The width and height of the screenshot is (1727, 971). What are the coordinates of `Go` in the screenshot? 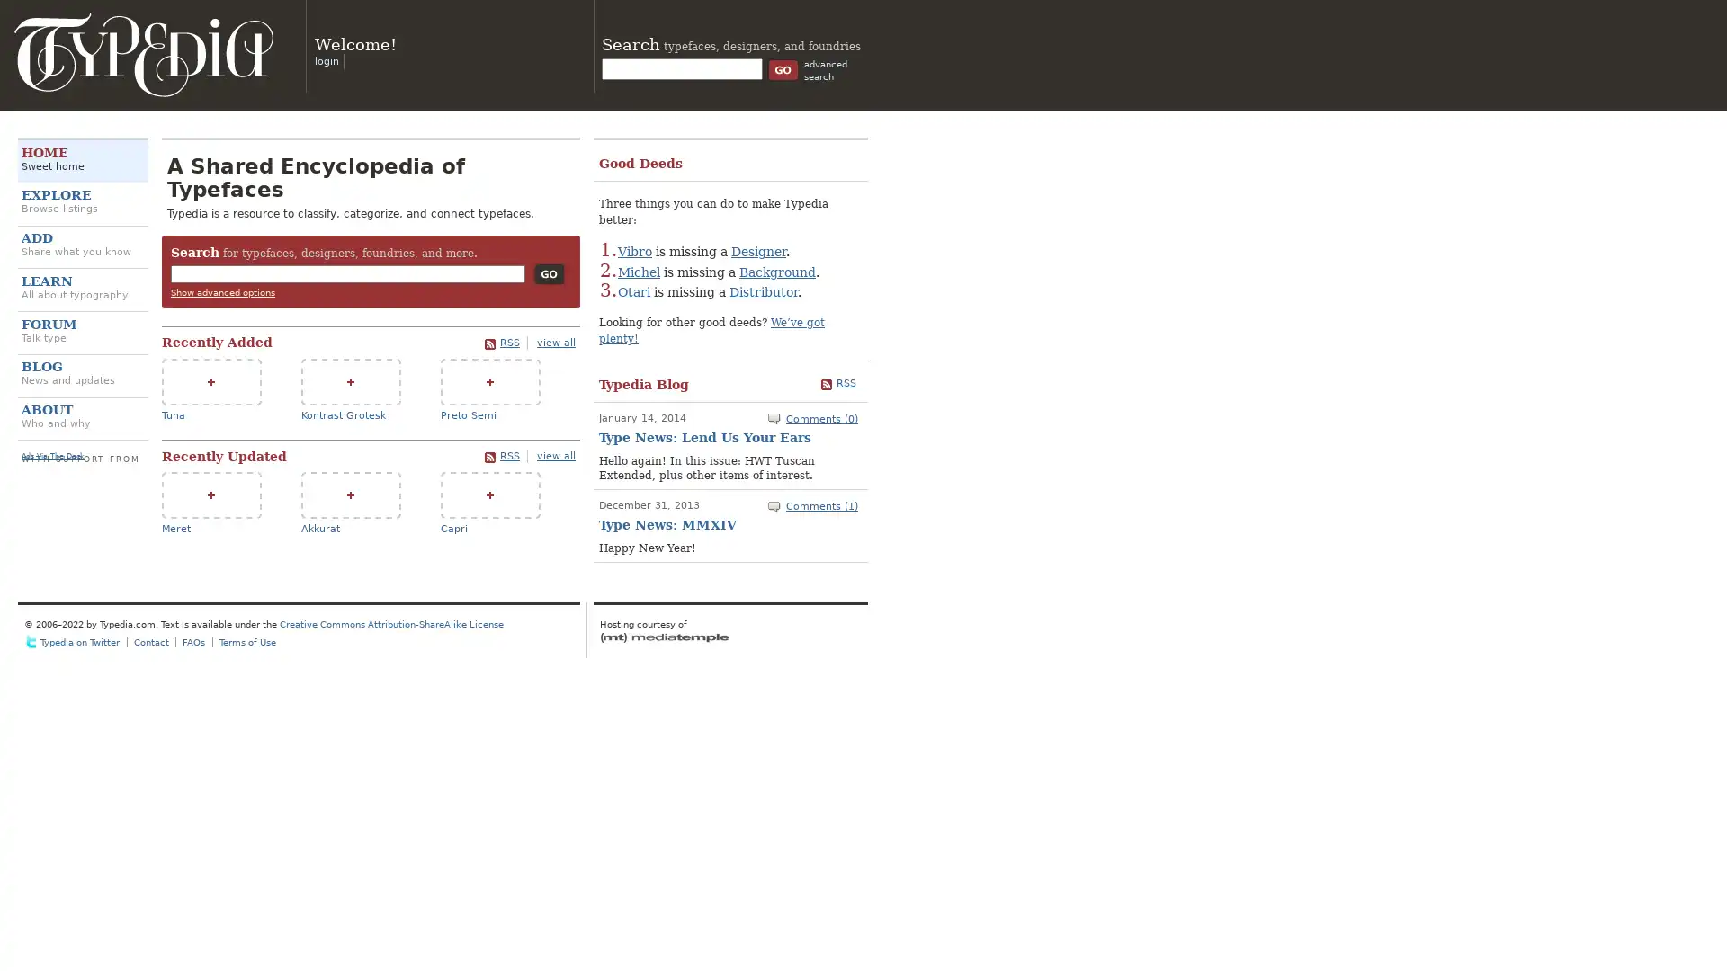 It's located at (548, 273).